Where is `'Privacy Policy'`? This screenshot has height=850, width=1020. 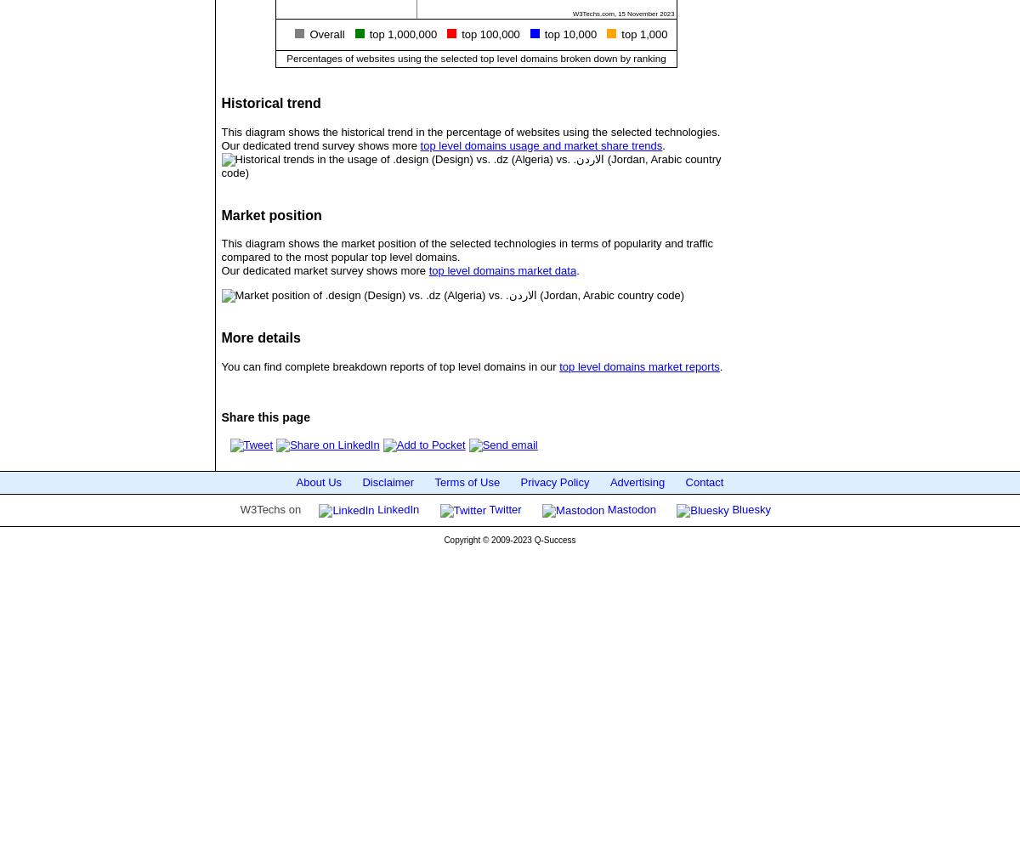
'Privacy Policy' is located at coordinates (554, 480).